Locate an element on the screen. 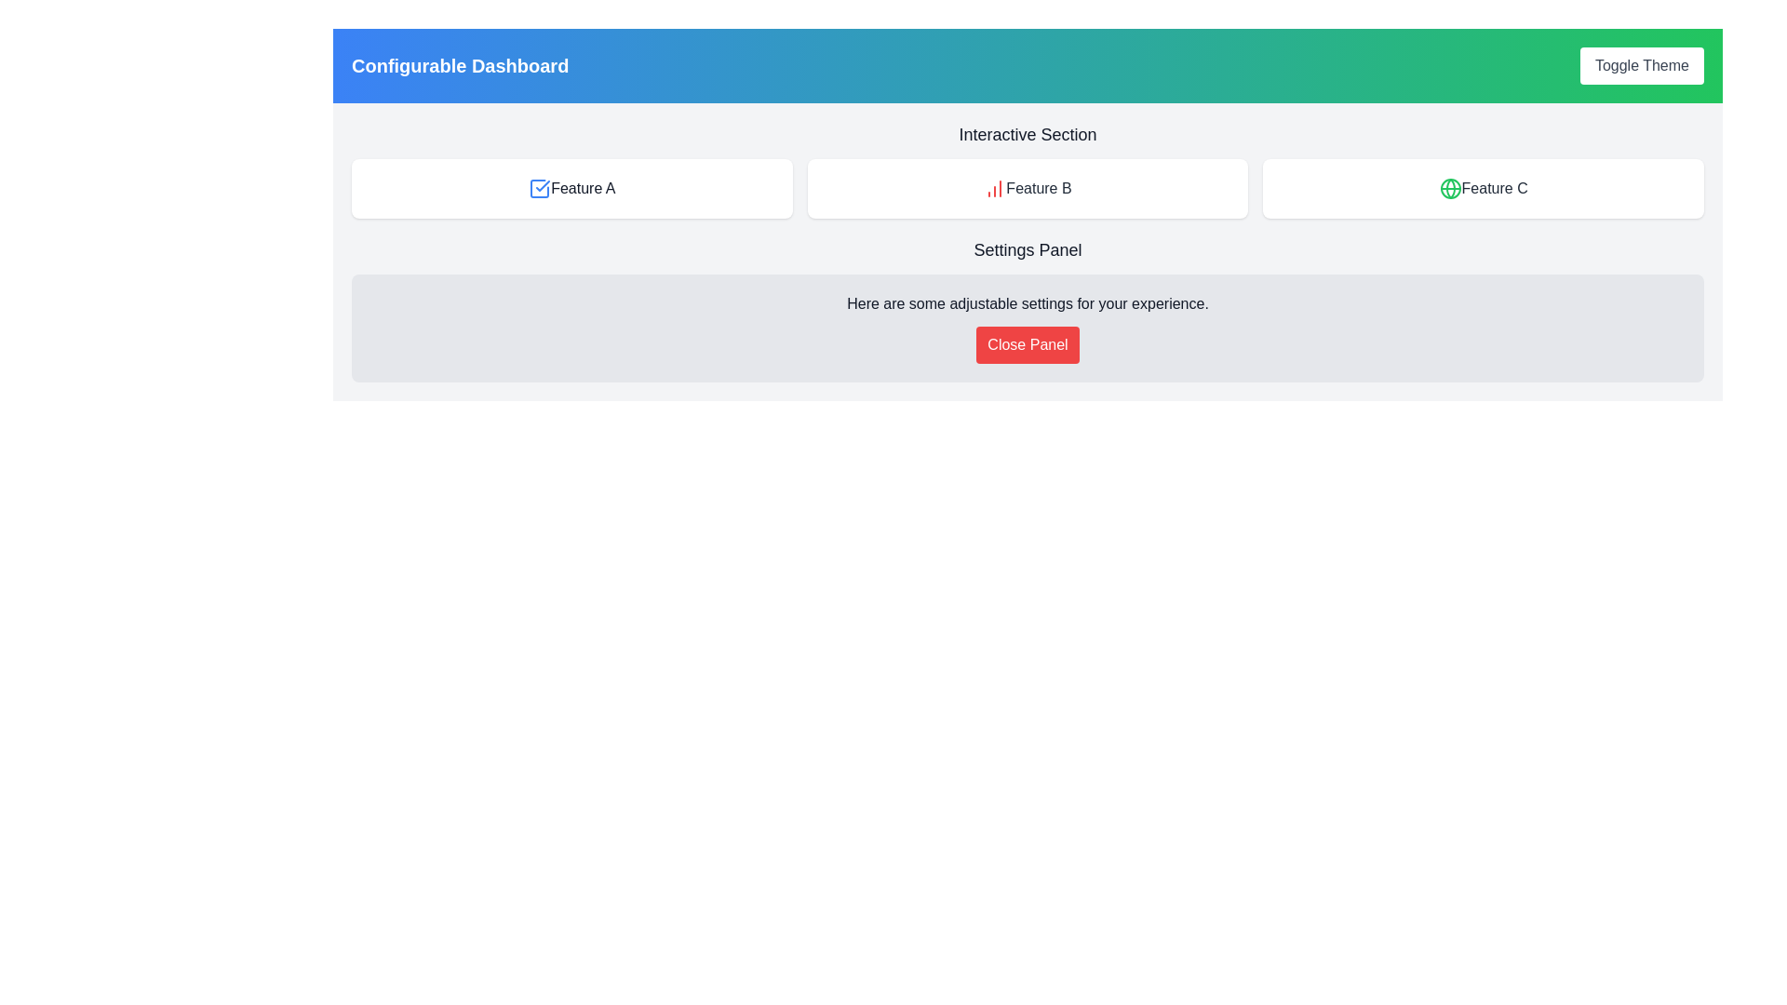 This screenshot has height=1005, width=1787. properties of the Vector Graphic Icon indicating the enabled or selected status of the feature labeled 'Feature A', located to the left of the text label is located at coordinates (539, 189).